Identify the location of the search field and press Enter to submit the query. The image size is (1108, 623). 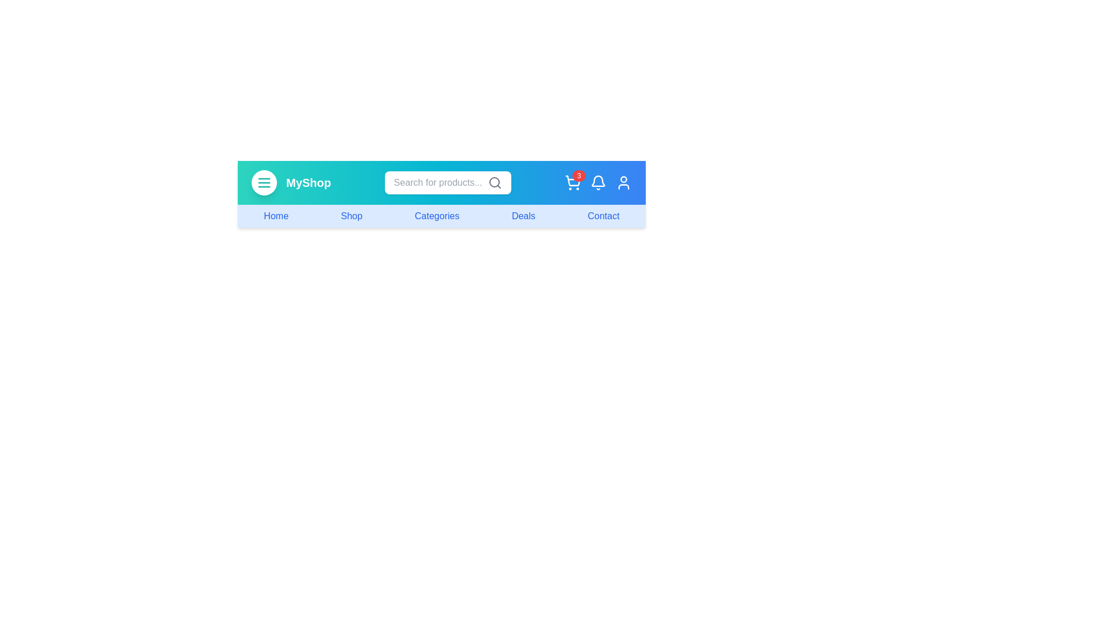
(447, 182).